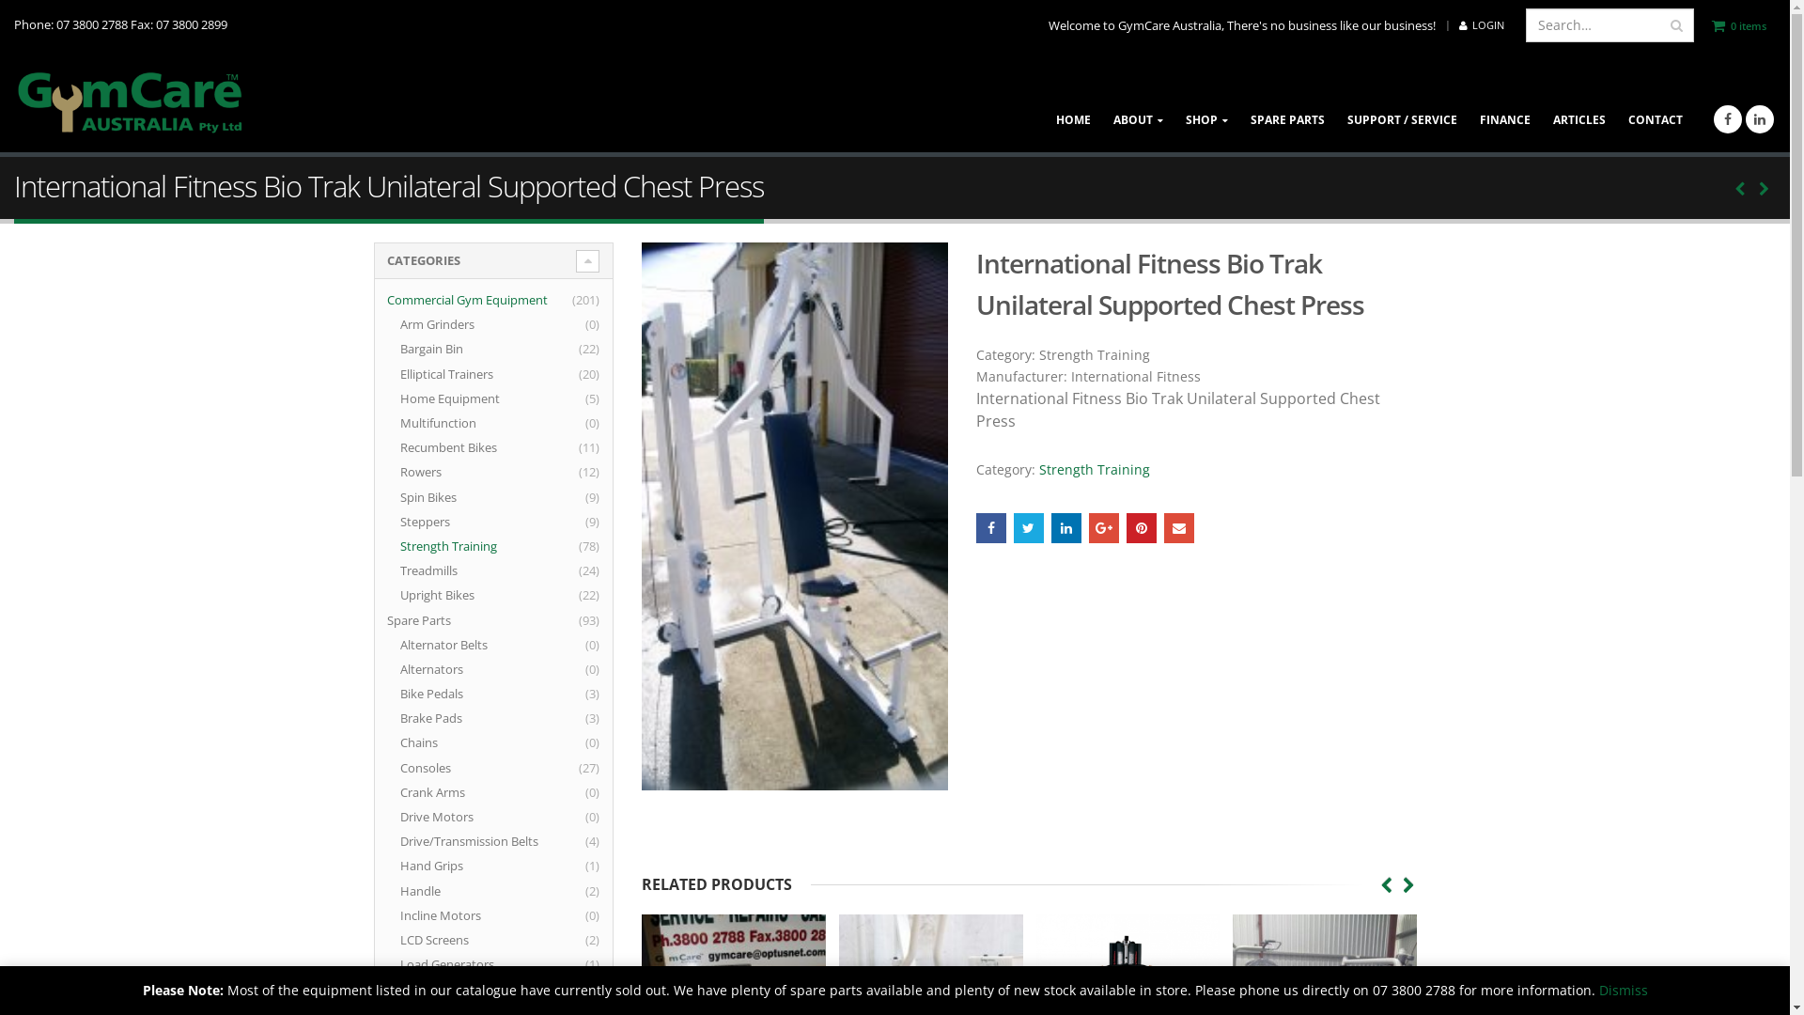 This screenshot has width=1804, height=1015. What do you see at coordinates (459, 964) in the screenshot?
I see `'Load Generators'` at bounding box center [459, 964].